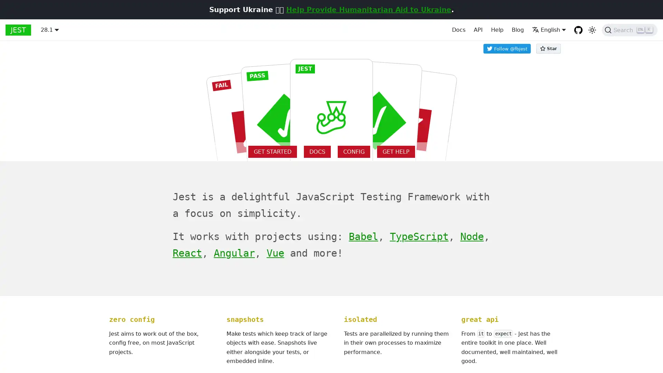  Describe the element at coordinates (630, 30) in the screenshot. I see `Search` at that location.